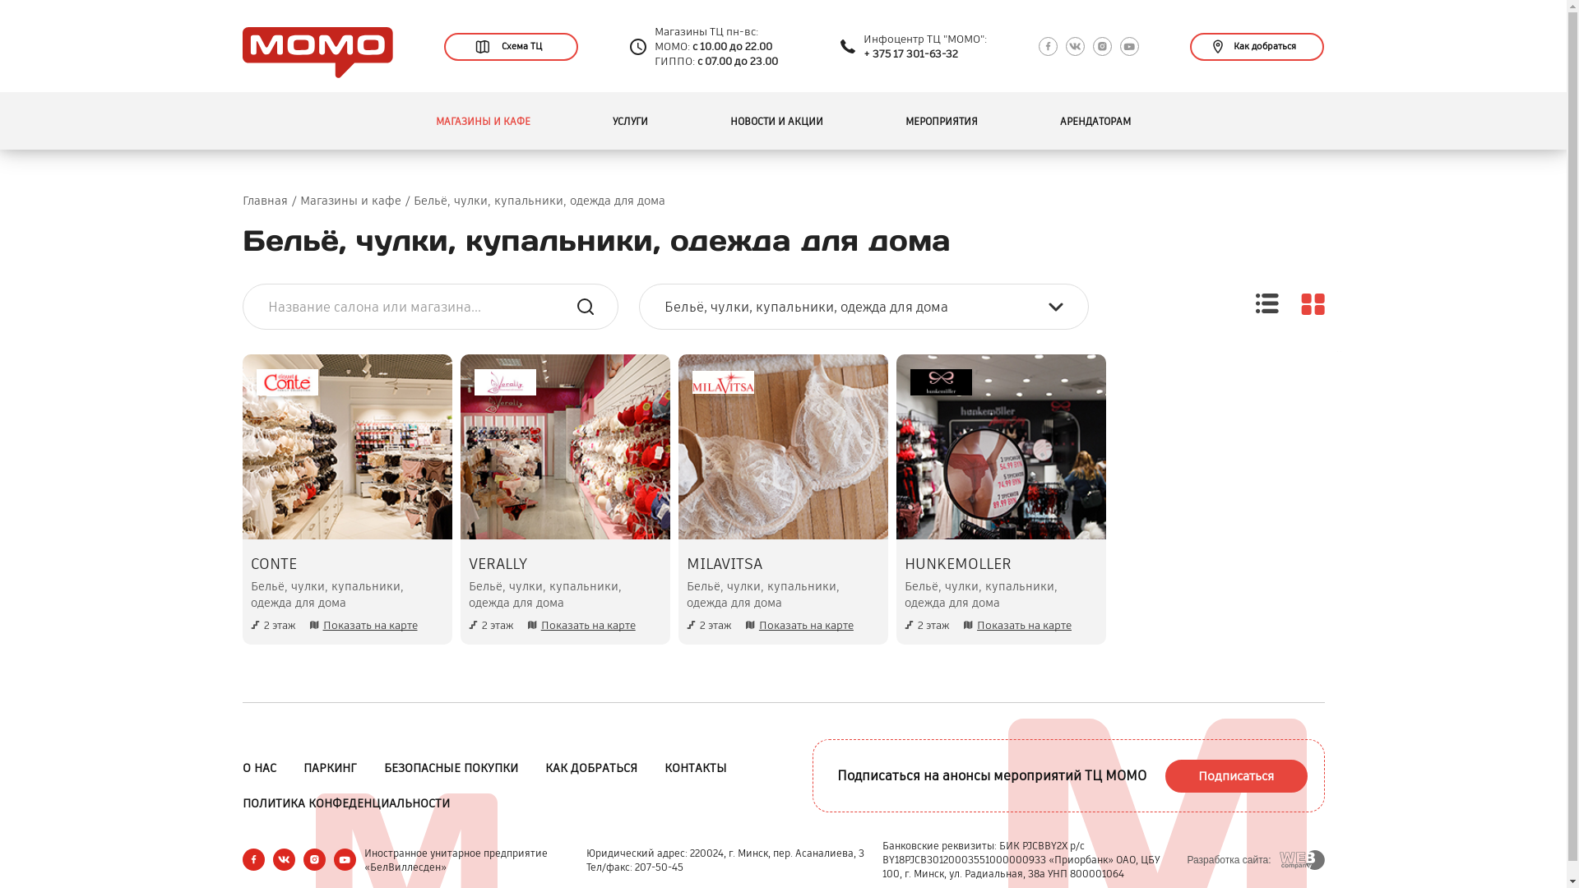 Image resolution: width=1579 pixels, height=888 pixels. Describe the element at coordinates (863, 53) in the screenshot. I see `'+ 375 17 301-63-32'` at that location.